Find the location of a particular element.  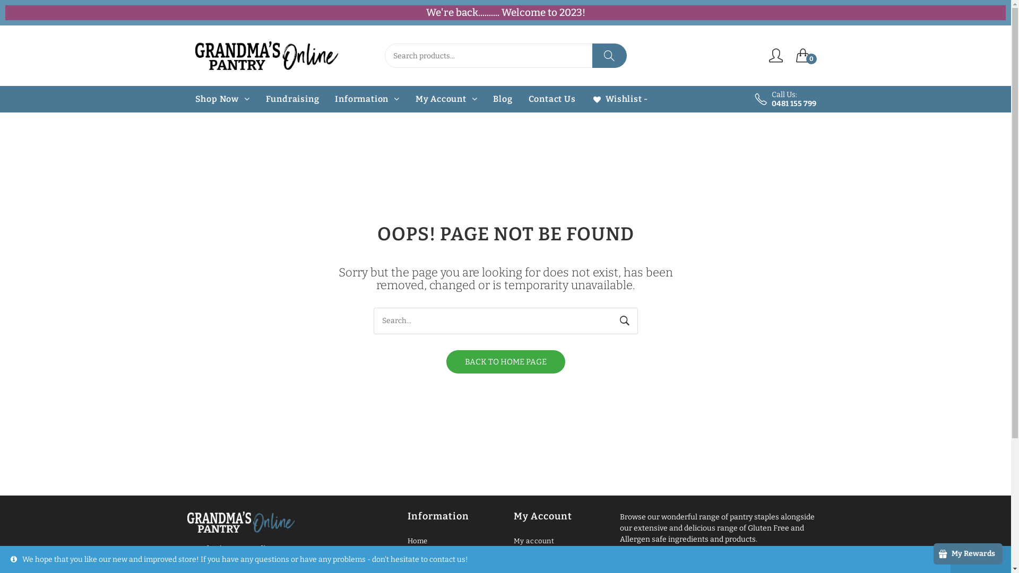

'SEARCH' is located at coordinates (609, 55).